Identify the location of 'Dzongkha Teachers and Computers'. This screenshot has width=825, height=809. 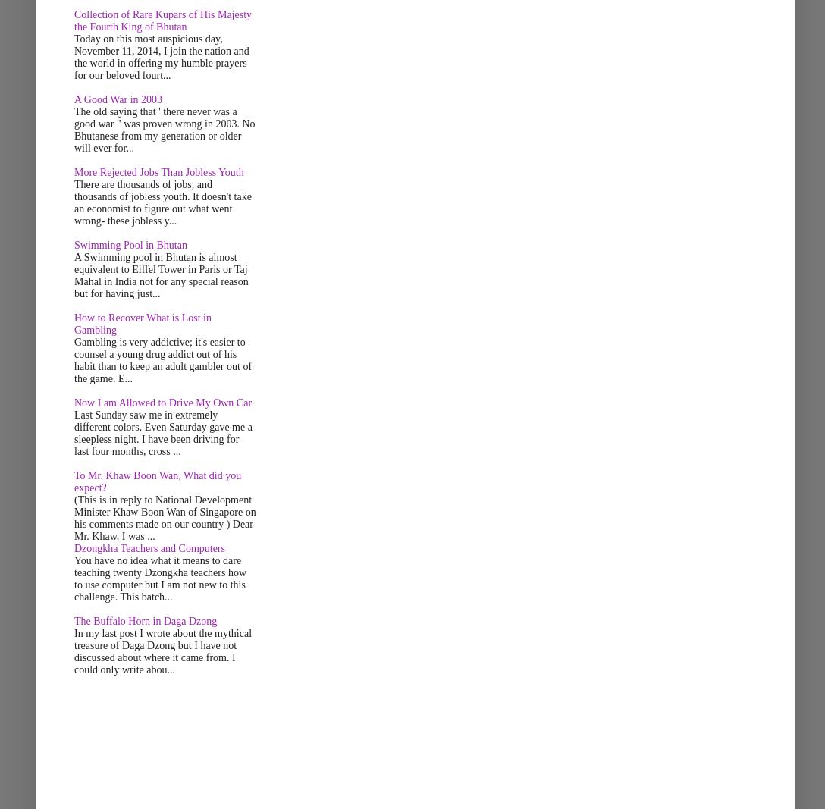
(149, 547).